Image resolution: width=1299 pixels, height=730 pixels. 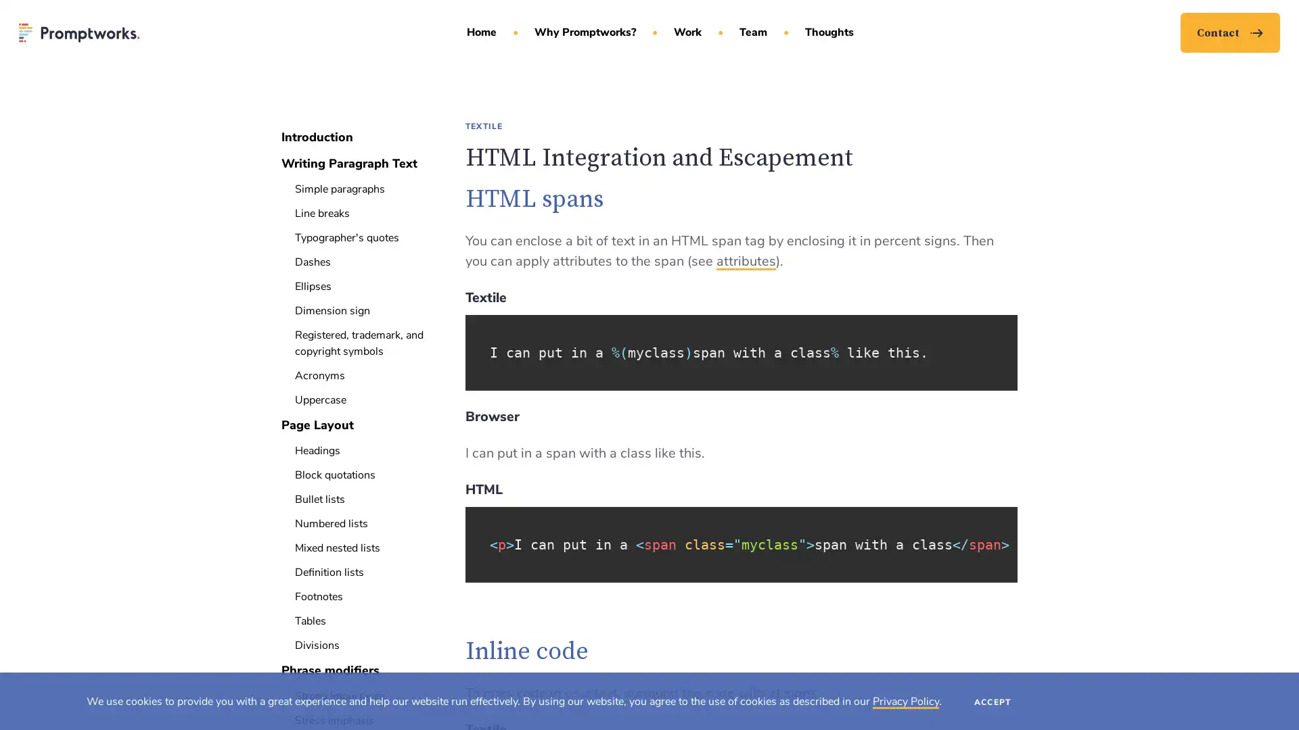 I want to click on ACCEPT, so click(x=993, y=700).